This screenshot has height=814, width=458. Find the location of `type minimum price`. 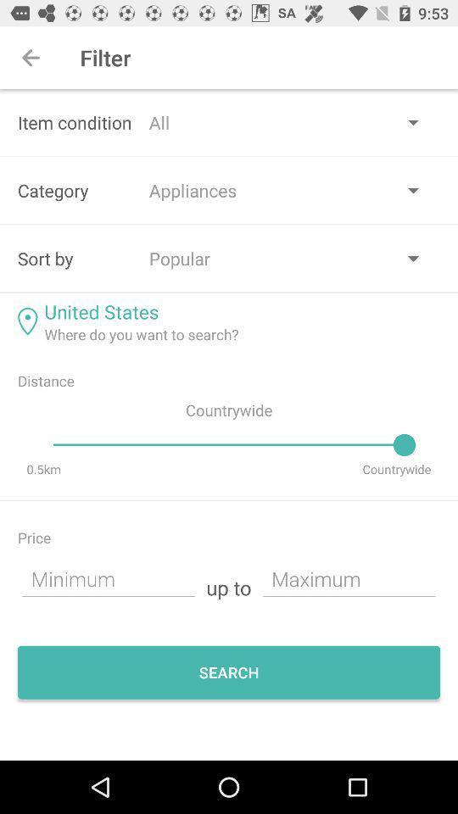

type minimum price is located at coordinates (109, 578).